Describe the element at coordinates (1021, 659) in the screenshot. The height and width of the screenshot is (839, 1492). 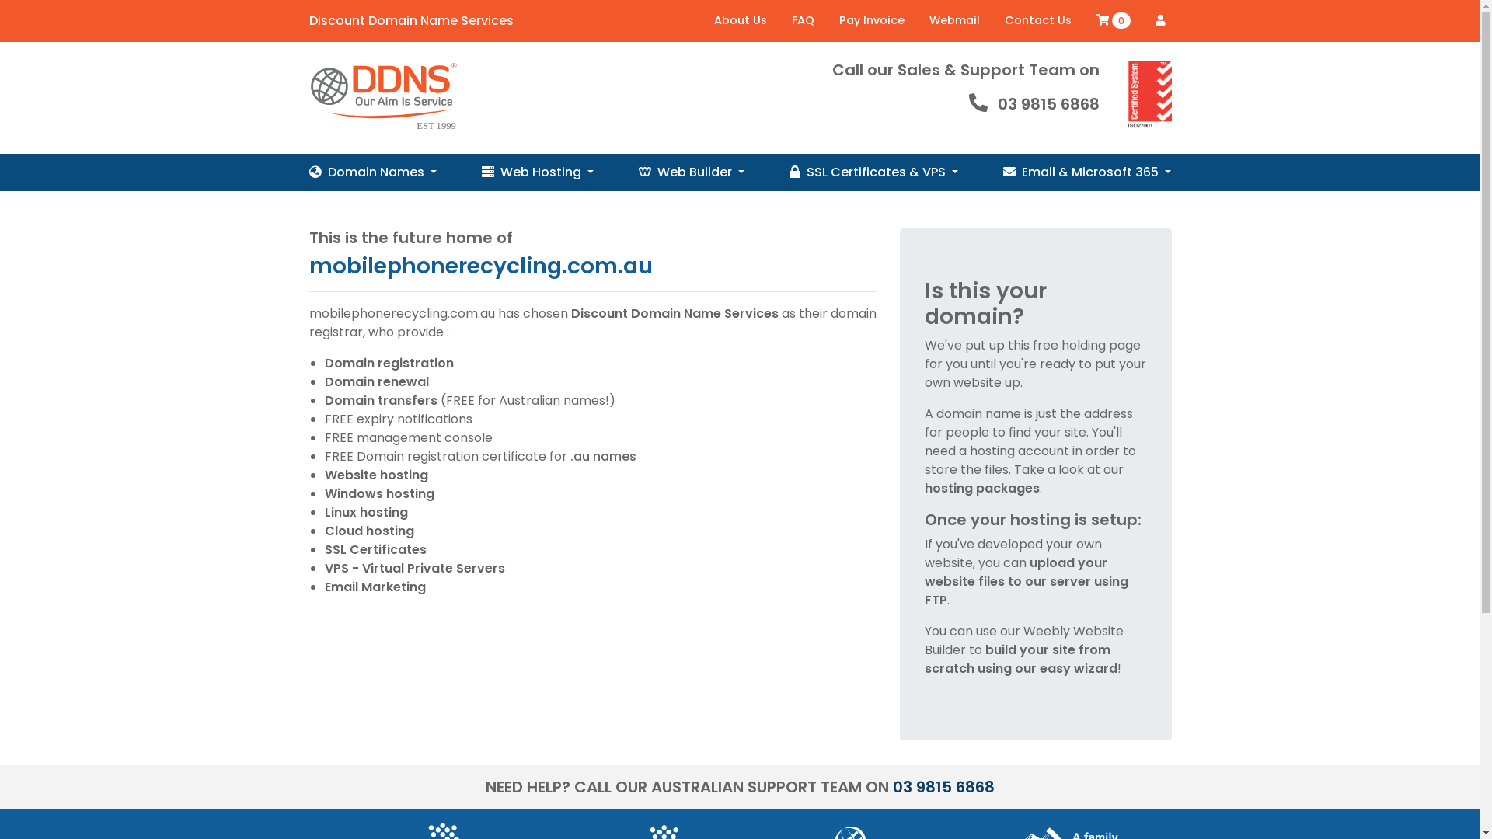
I see `'build your site from scratch using our easy wizard'` at that location.